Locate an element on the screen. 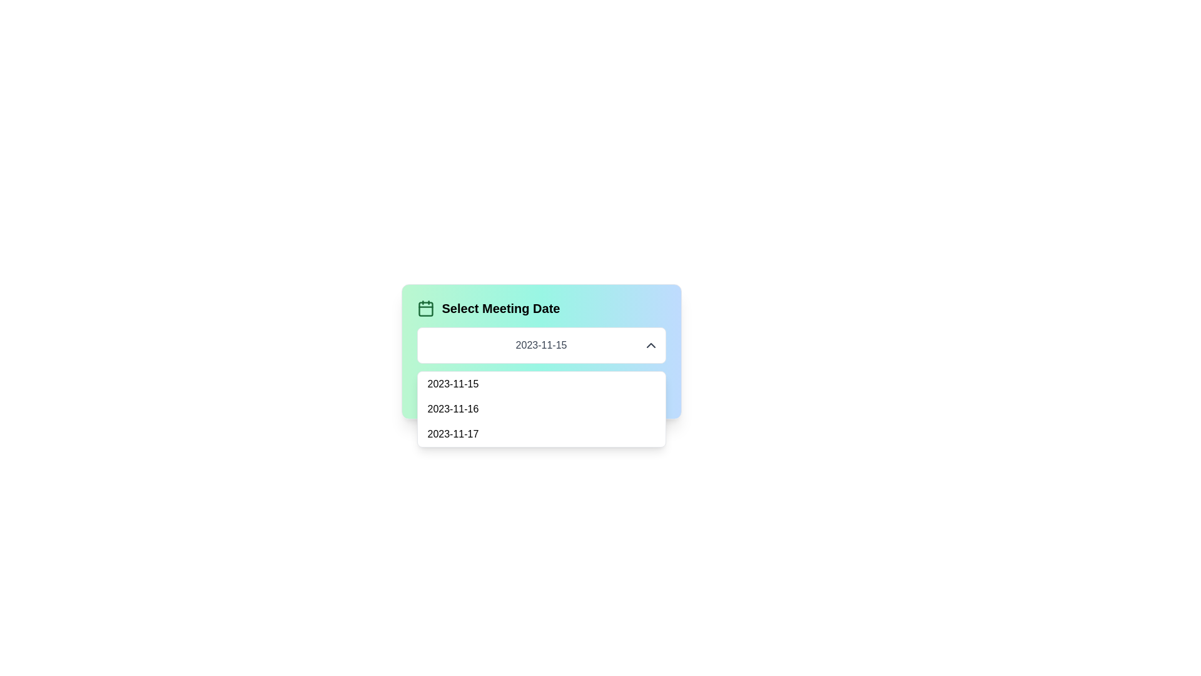 Image resolution: width=1201 pixels, height=676 pixels. the dropdown menu item displaying the date '2023-11-15' is located at coordinates (541, 390).